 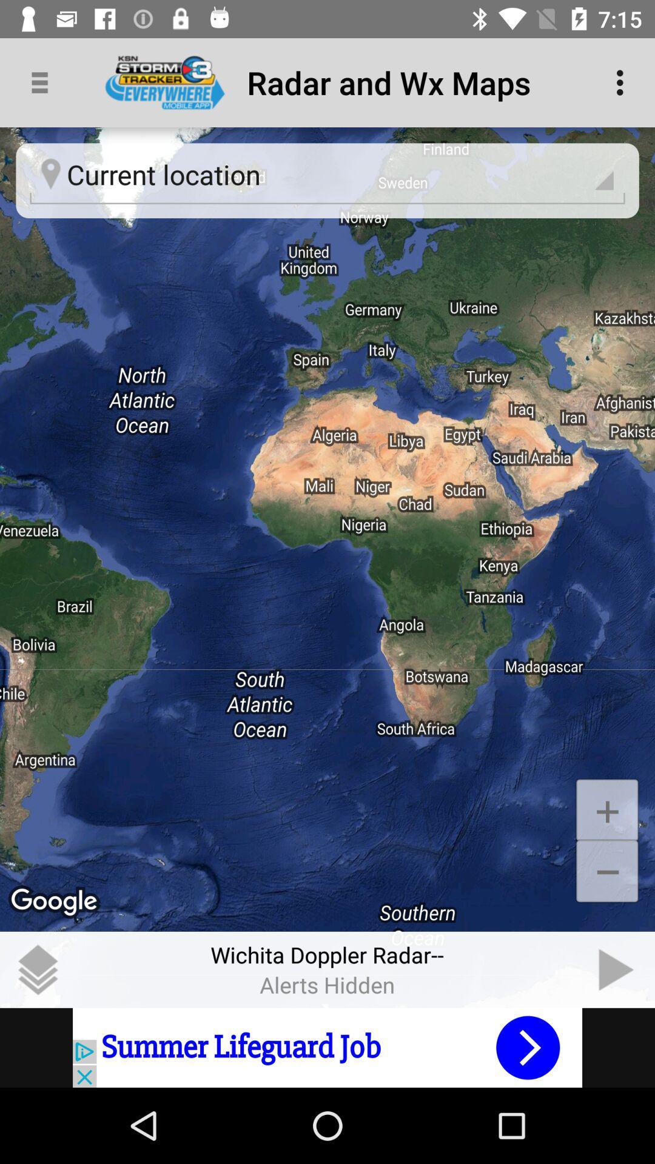 I want to click on button, so click(x=617, y=969).